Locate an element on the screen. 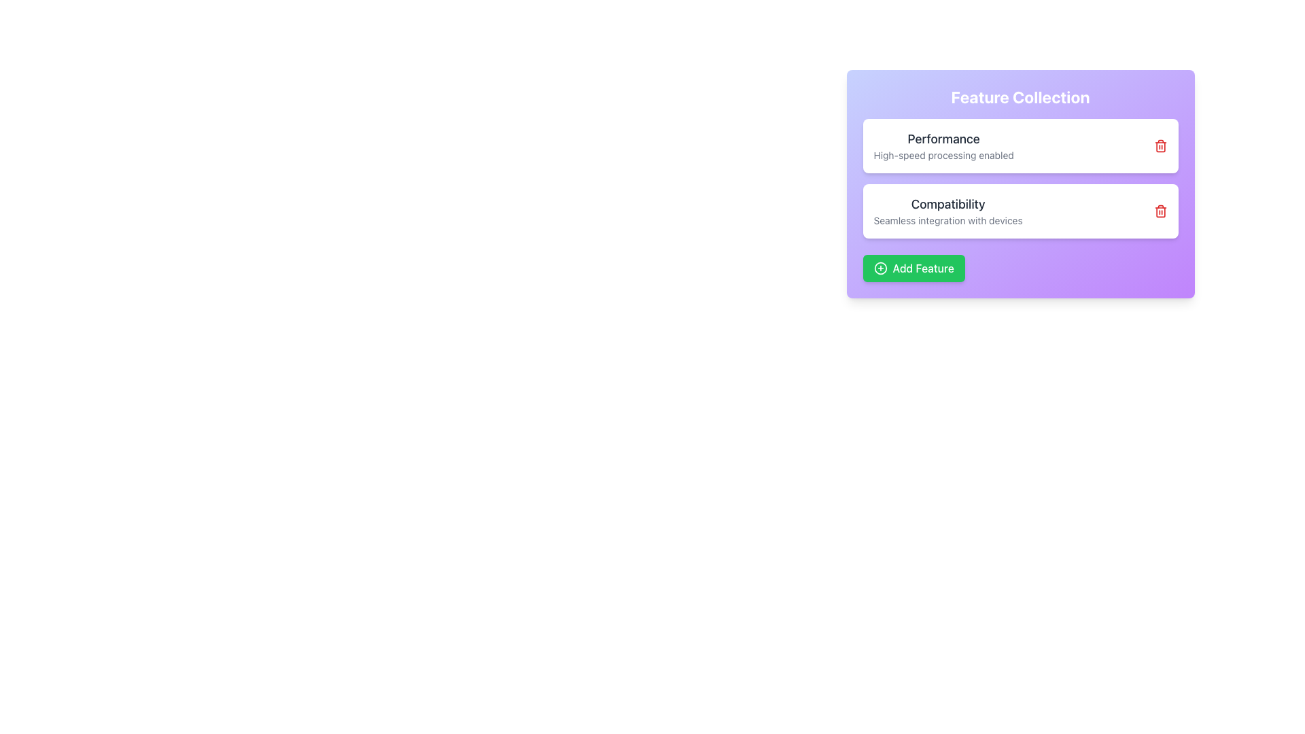 The image size is (1305, 734). the SVG Circle that represents the 'Add Feature' button, located in the lower-right corner of the feature collection card is located at coordinates (880, 268).